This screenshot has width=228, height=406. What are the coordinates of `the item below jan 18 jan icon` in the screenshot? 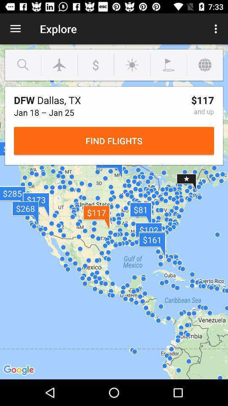 It's located at (114, 141).